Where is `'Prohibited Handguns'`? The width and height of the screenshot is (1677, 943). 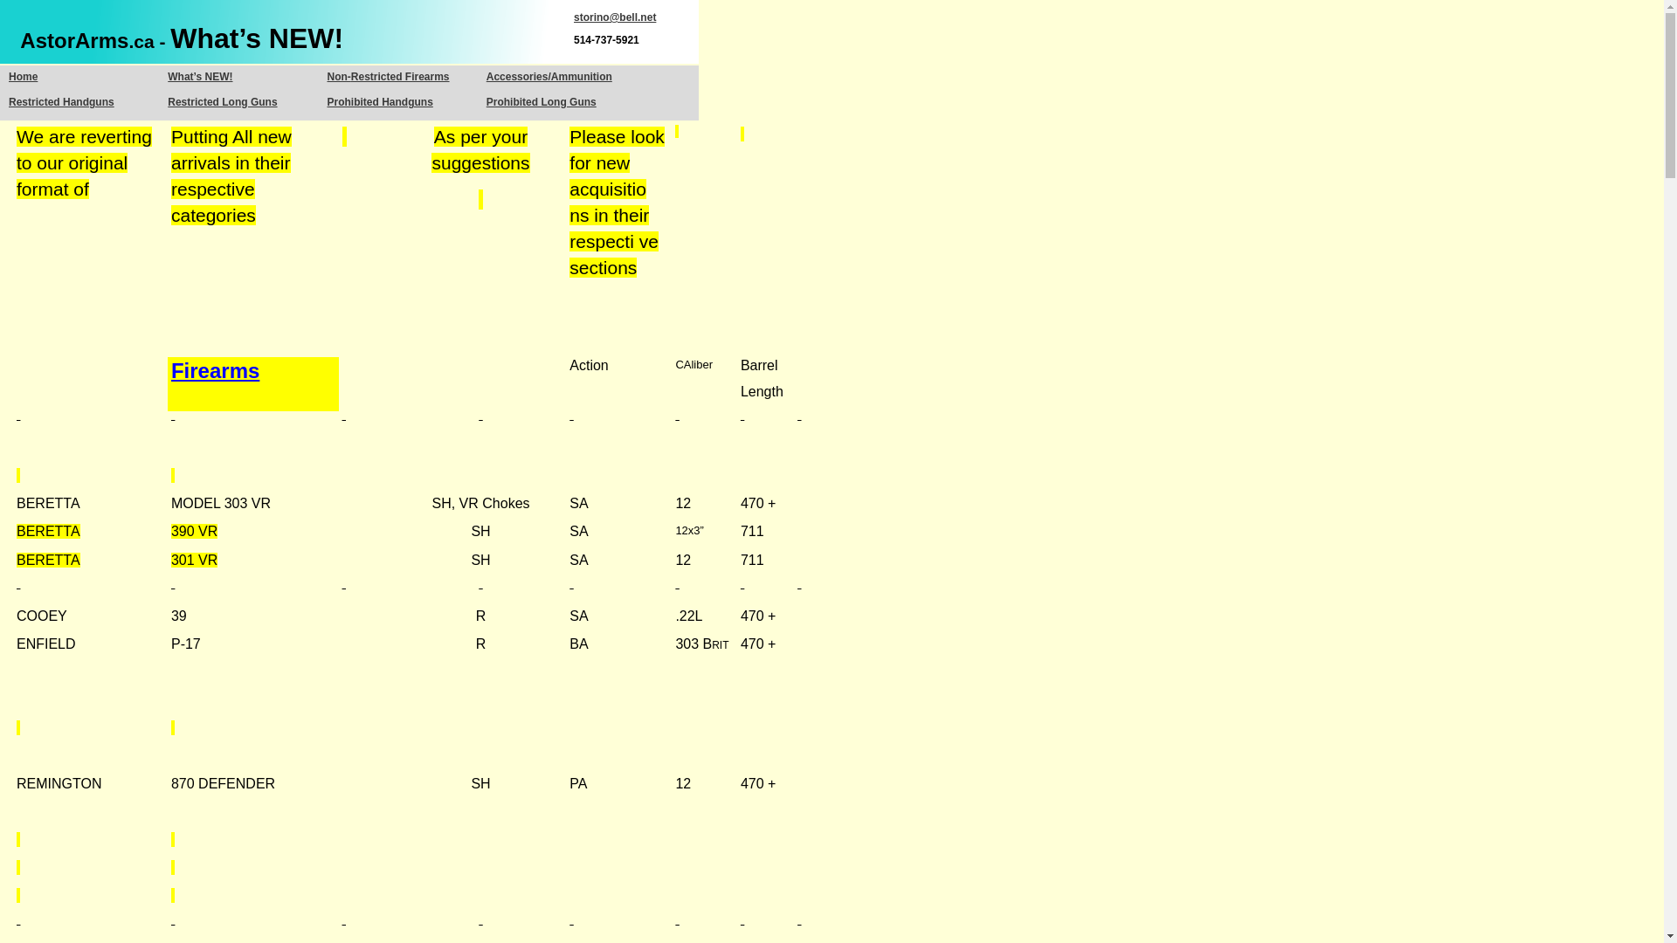
'Prohibited Handguns' is located at coordinates (378, 101).